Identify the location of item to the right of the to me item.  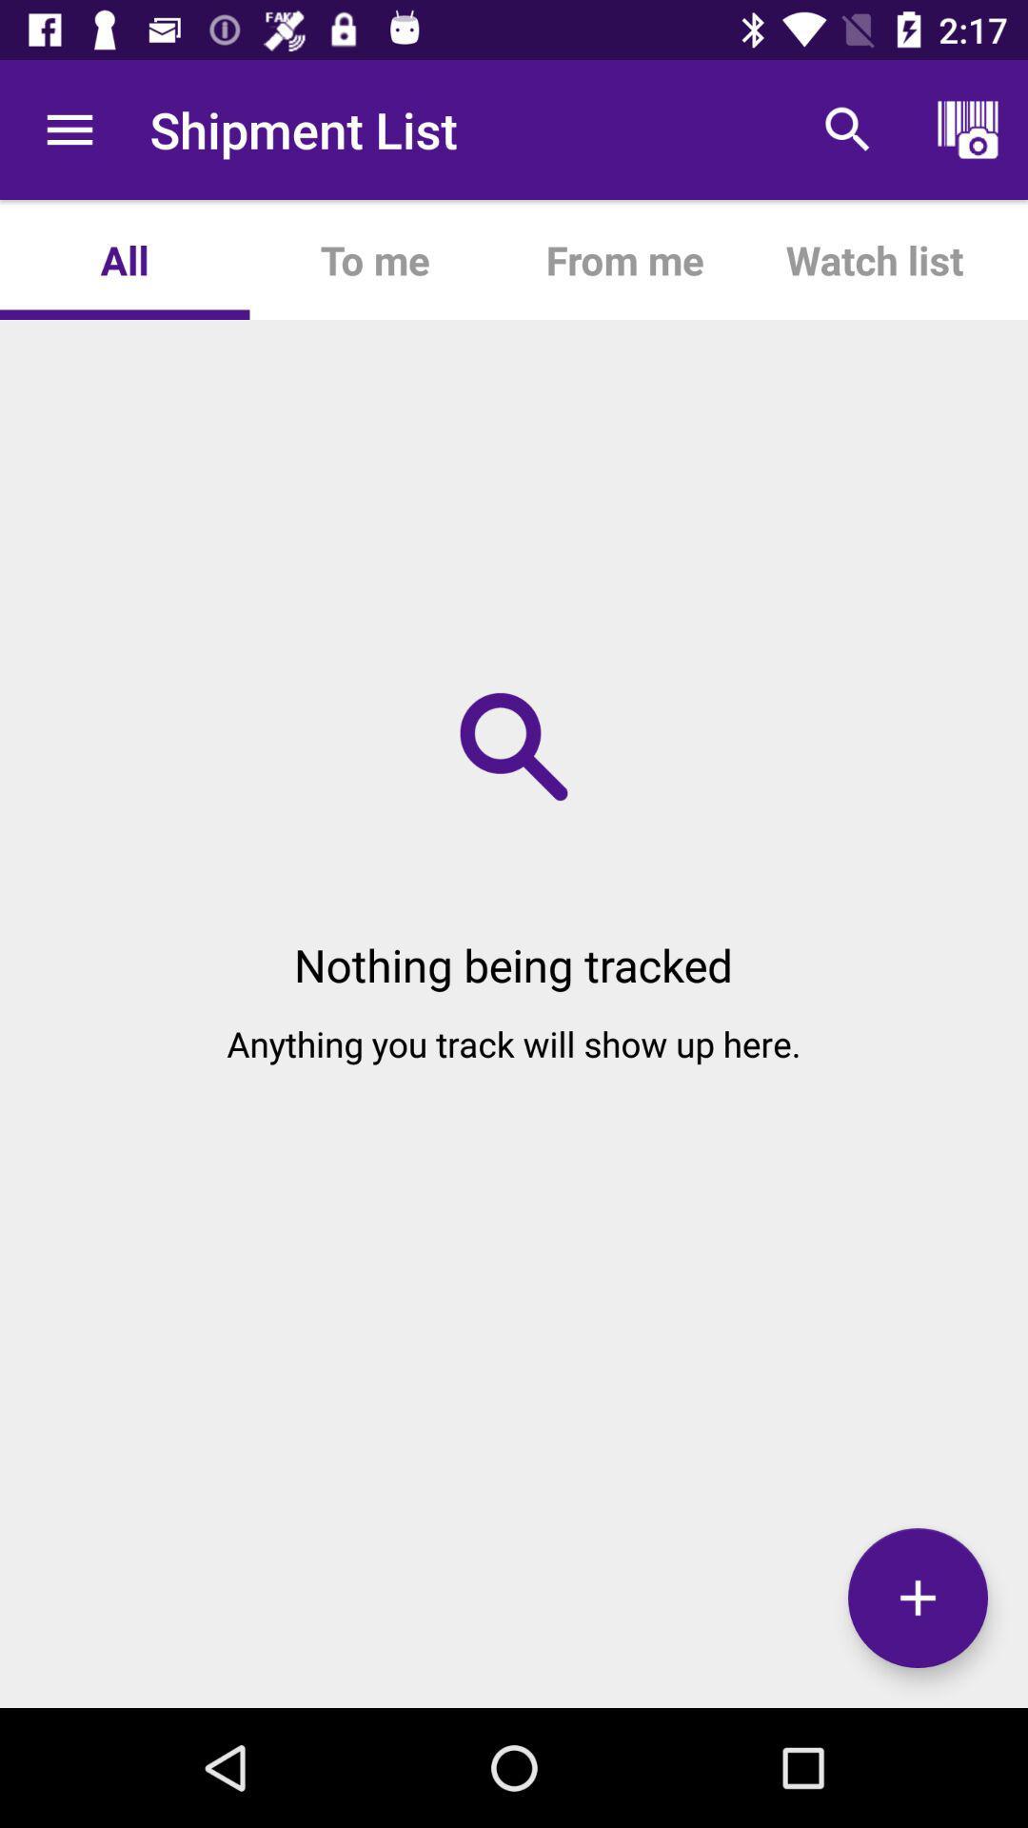
(624, 259).